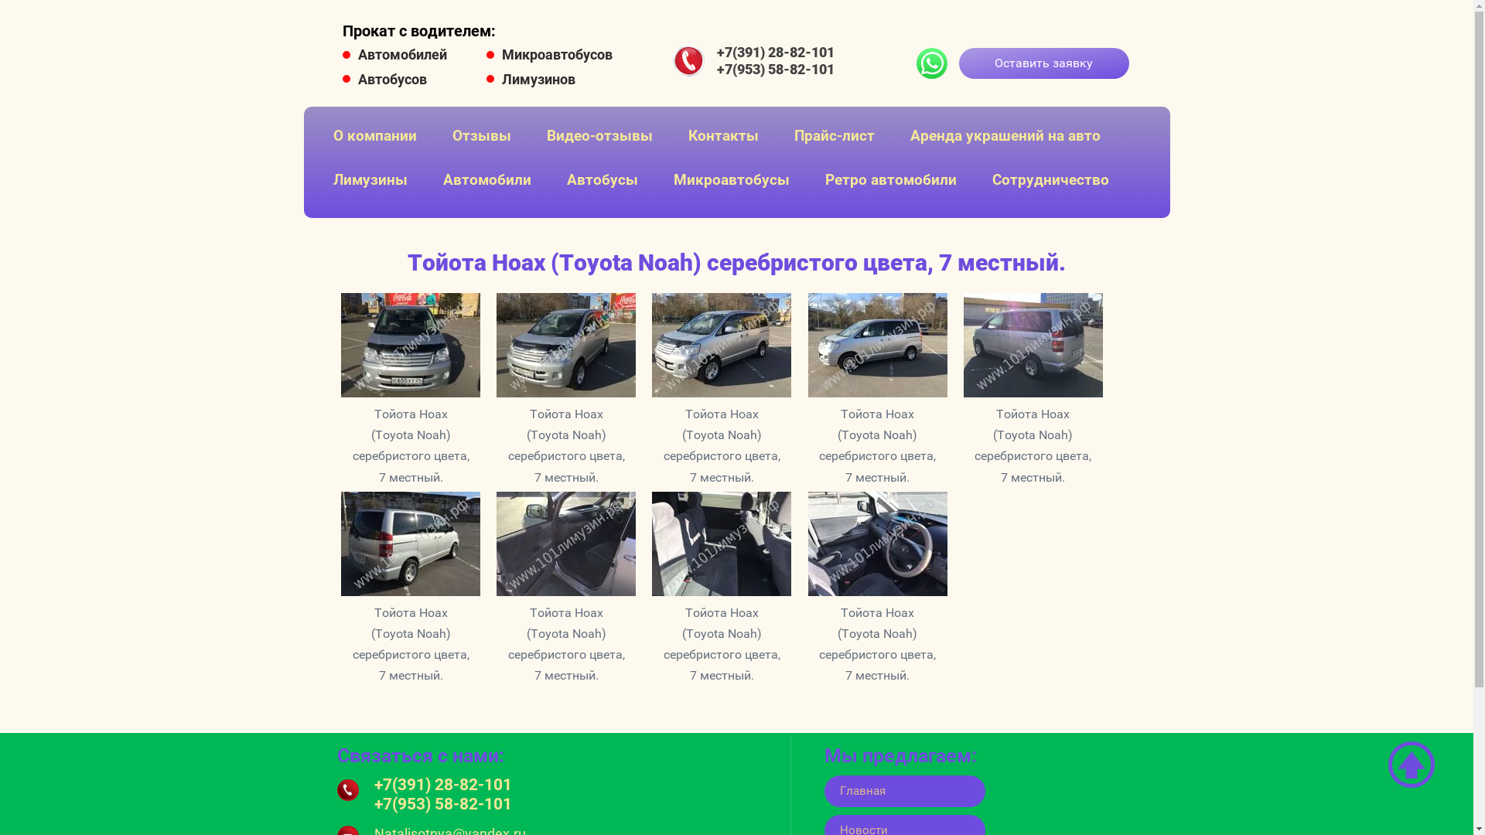  I want to click on '+7(391) 28-82-101', so click(776, 51).